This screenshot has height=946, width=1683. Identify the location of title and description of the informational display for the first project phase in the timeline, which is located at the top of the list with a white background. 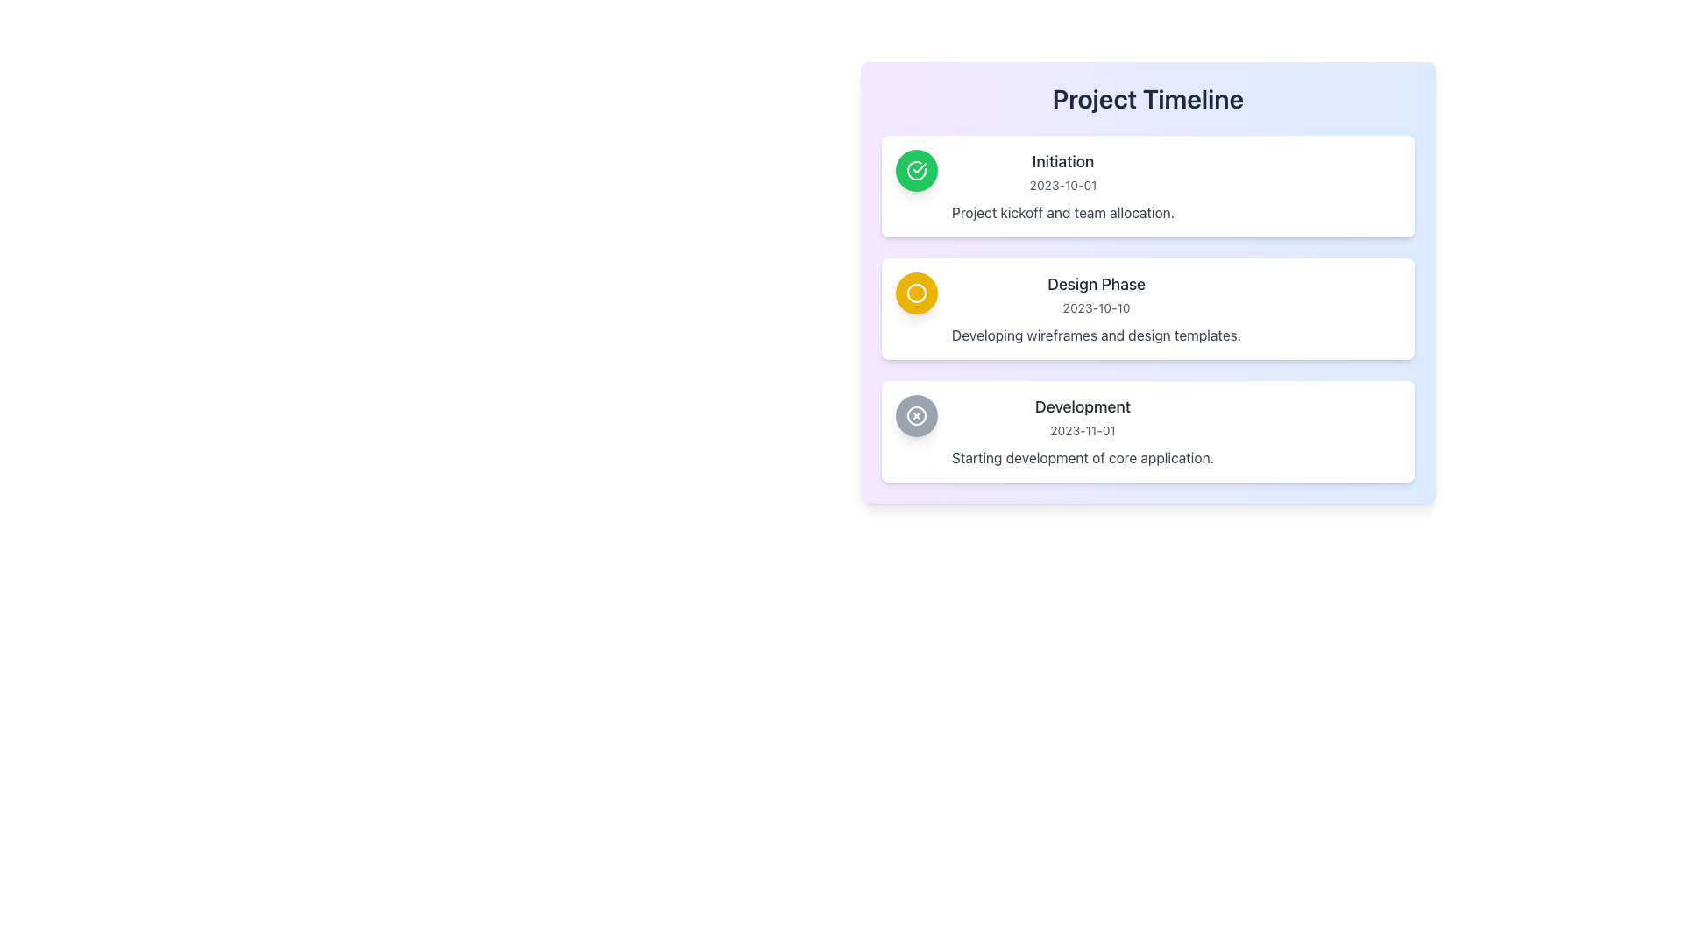
(1062, 186).